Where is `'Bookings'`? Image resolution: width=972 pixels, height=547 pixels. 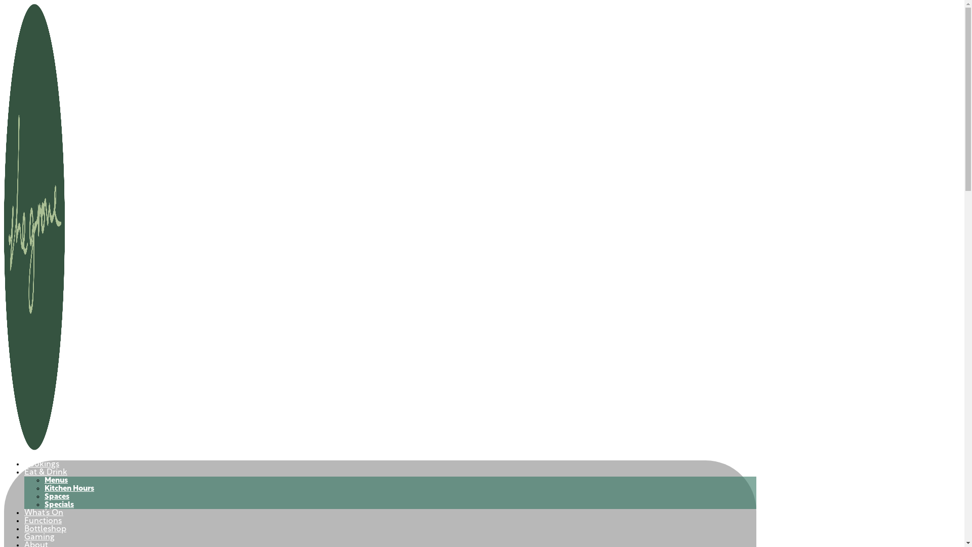 'Bookings' is located at coordinates (24, 464).